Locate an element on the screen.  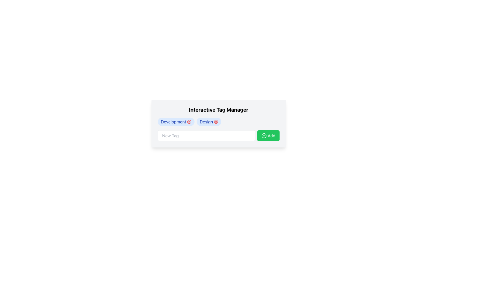
the 'Add' button, which is a green rectangular button with rounded corners and a white '+' icon is located at coordinates (268, 135).